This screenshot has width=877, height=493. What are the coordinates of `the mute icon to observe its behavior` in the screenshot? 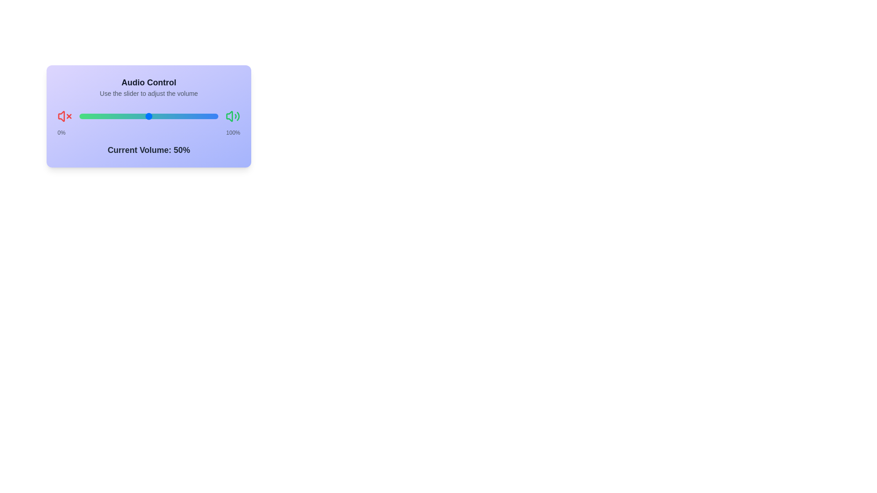 It's located at (64, 115).